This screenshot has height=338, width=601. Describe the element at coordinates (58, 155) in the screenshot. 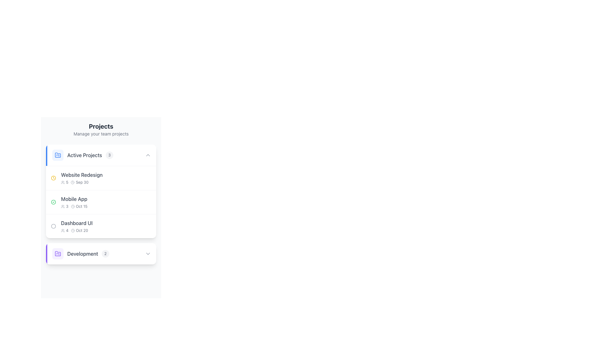

I see `the appearance of the rounded, blue-highlighted kanban folder icon located to the left of the 'Active Projects' header` at that location.